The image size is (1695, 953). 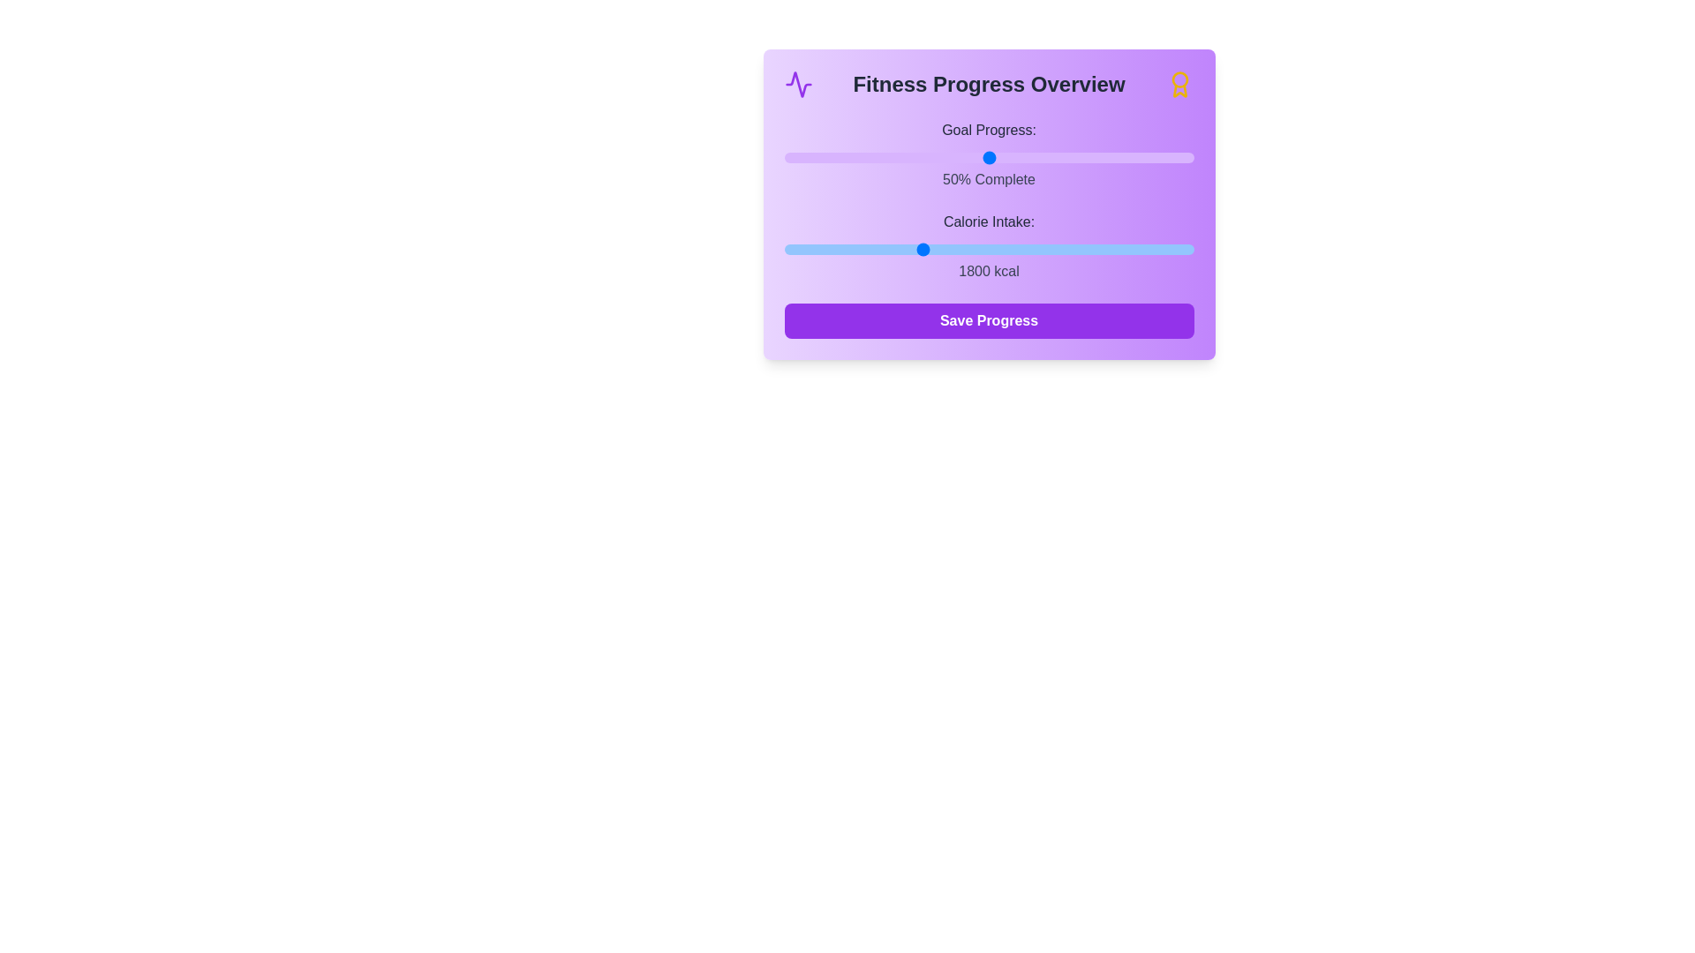 What do you see at coordinates (894, 249) in the screenshot?
I see `calorie intake` at bounding box center [894, 249].